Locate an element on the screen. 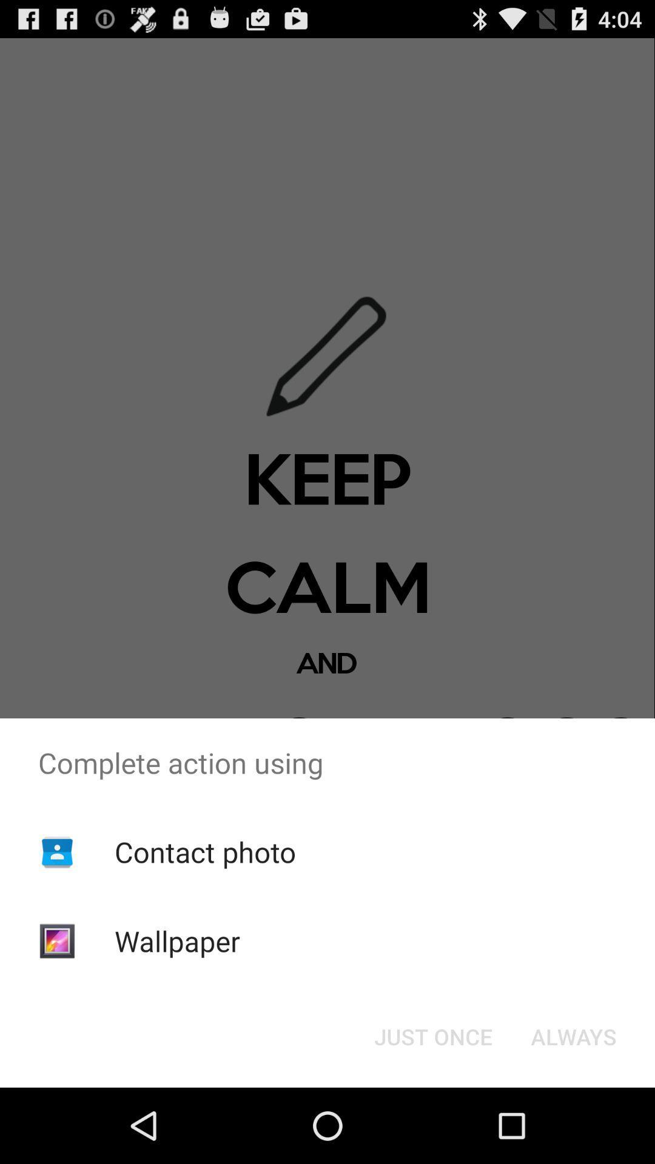 Image resolution: width=655 pixels, height=1164 pixels. the item below complete action using item is located at coordinates (573, 1035).